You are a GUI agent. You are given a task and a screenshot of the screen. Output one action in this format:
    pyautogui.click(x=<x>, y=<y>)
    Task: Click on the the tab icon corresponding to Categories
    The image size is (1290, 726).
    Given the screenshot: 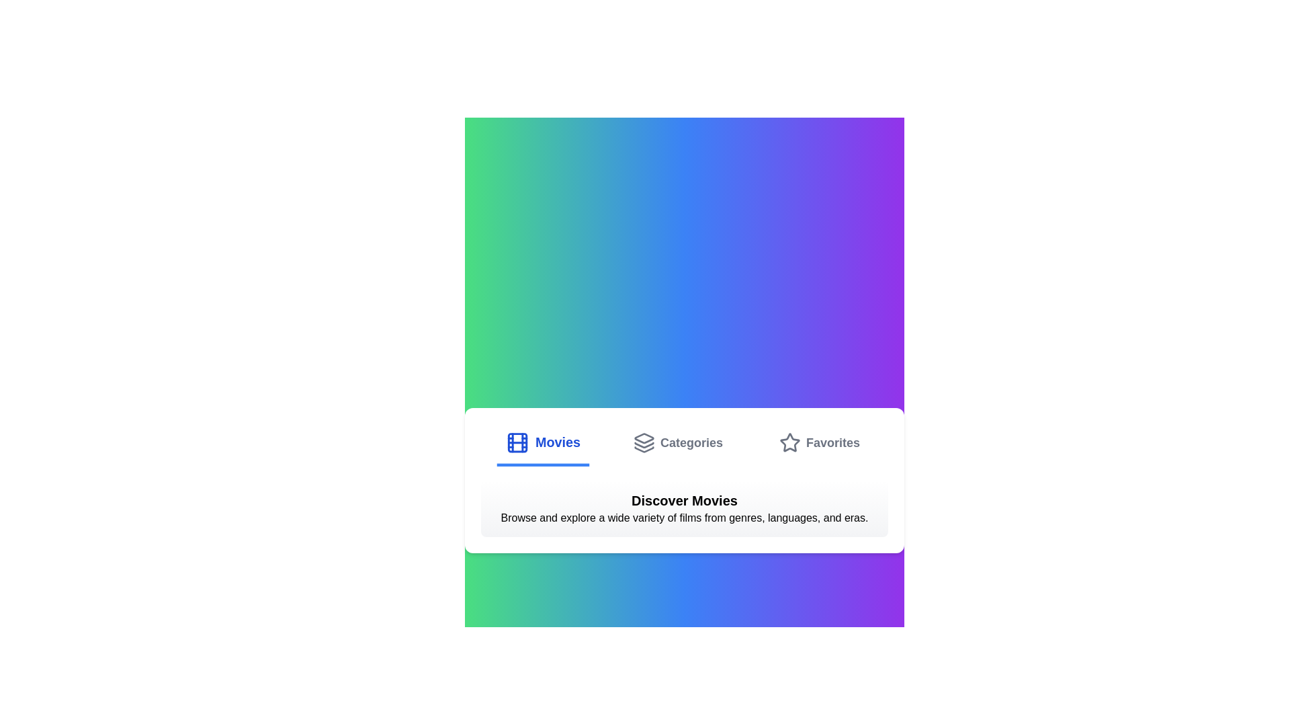 What is the action you would take?
    pyautogui.click(x=645, y=443)
    